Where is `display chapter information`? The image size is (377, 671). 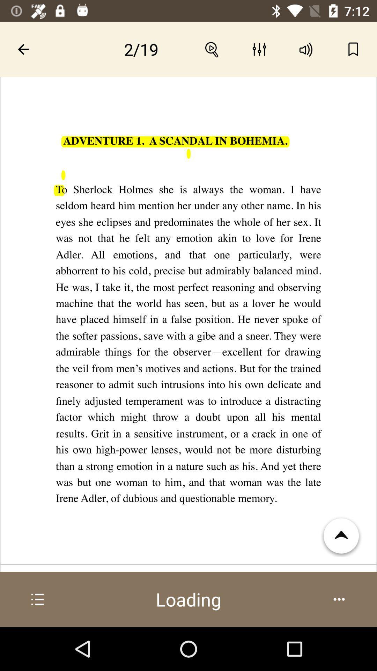
display chapter information is located at coordinates (38, 599).